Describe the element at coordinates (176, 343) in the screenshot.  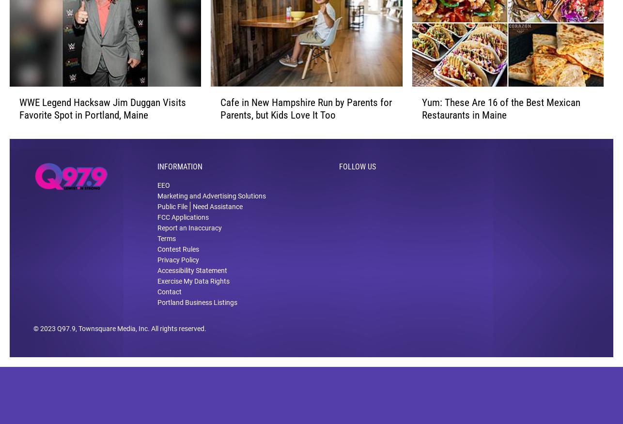
I see `'. All rights reserved.'` at that location.